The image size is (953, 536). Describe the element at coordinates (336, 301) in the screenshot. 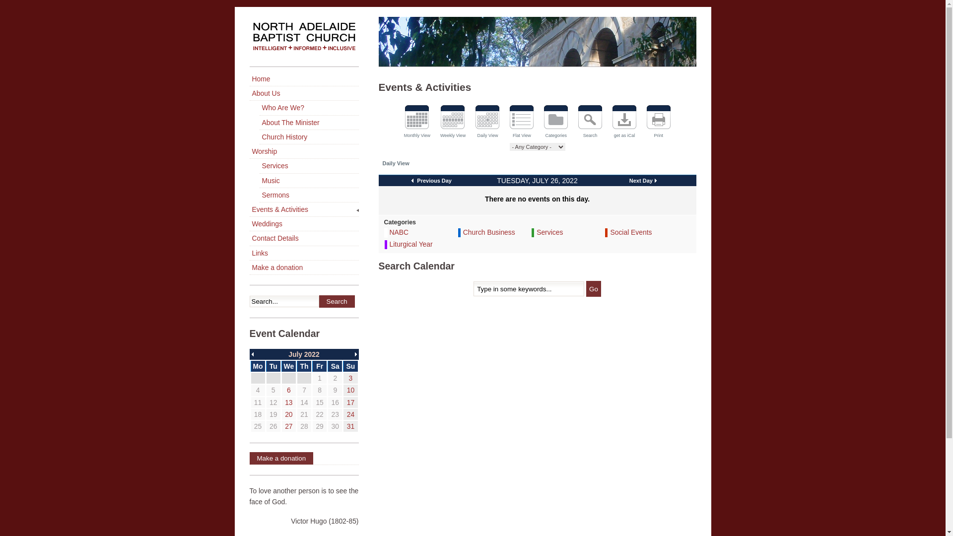

I see `'Search'` at that location.